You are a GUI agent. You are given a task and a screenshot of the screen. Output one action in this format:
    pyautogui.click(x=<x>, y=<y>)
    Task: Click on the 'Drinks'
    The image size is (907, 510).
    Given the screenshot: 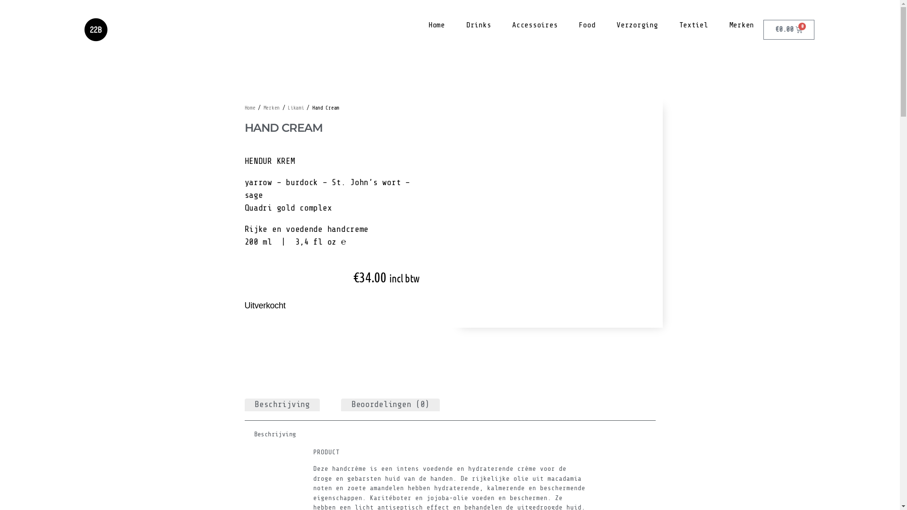 What is the action you would take?
    pyautogui.click(x=478, y=25)
    